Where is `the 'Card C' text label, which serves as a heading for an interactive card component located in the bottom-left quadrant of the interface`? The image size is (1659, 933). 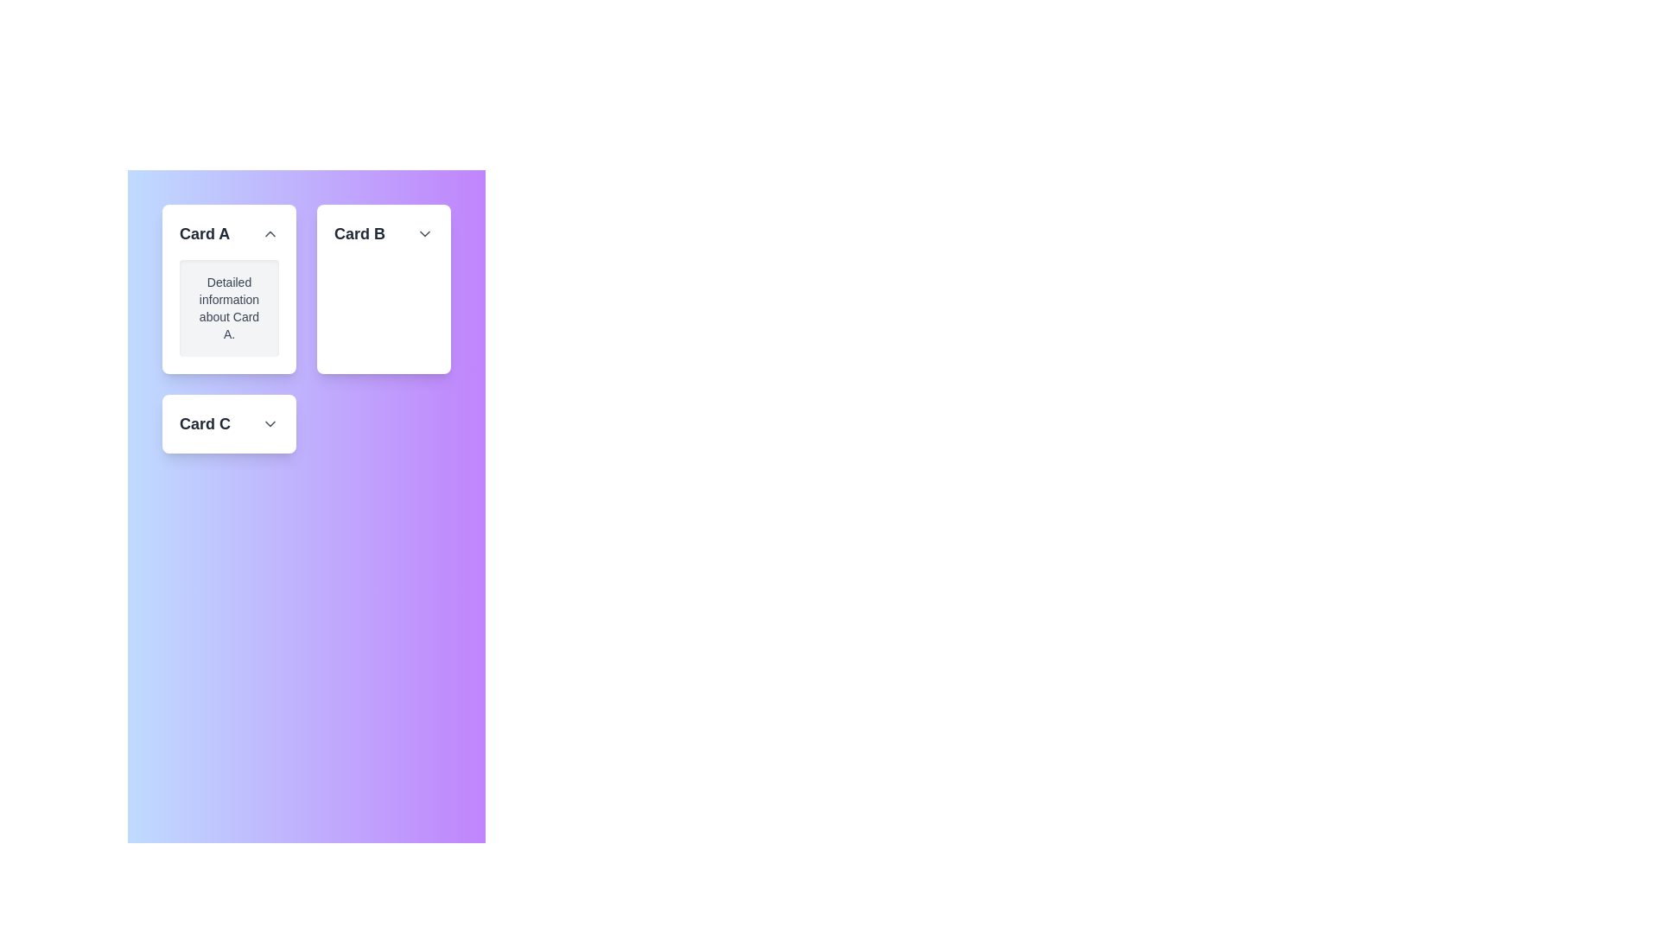 the 'Card C' text label, which serves as a heading for an interactive card component located in the bottom-left quadrant of the interface is located at coordinates (205, 423).